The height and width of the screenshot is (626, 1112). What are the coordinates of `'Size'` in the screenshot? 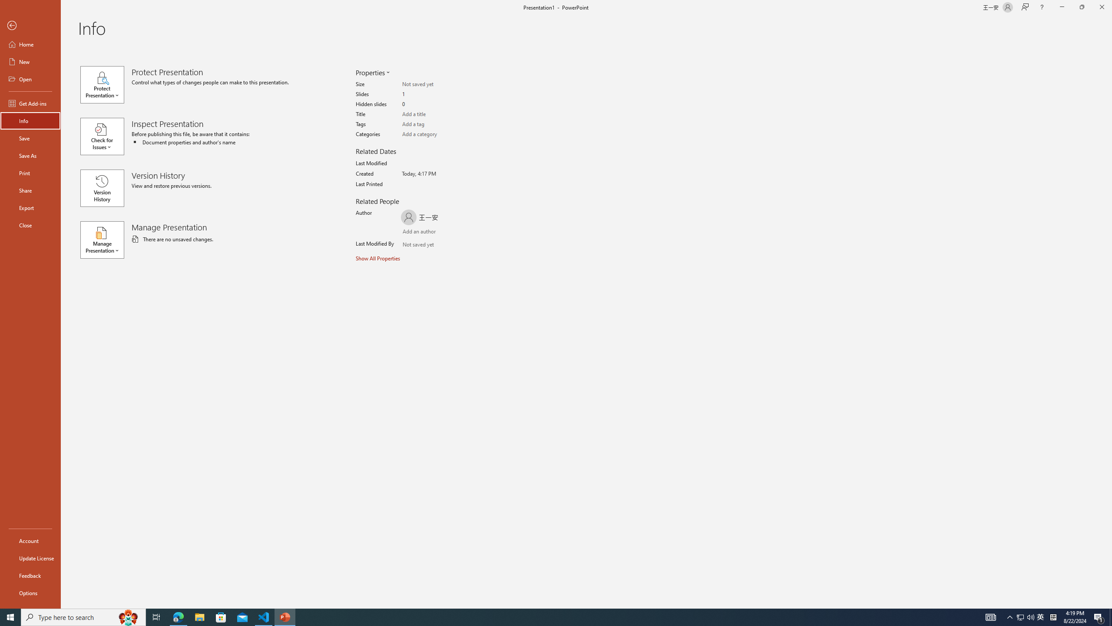 It's located at (436, 84).